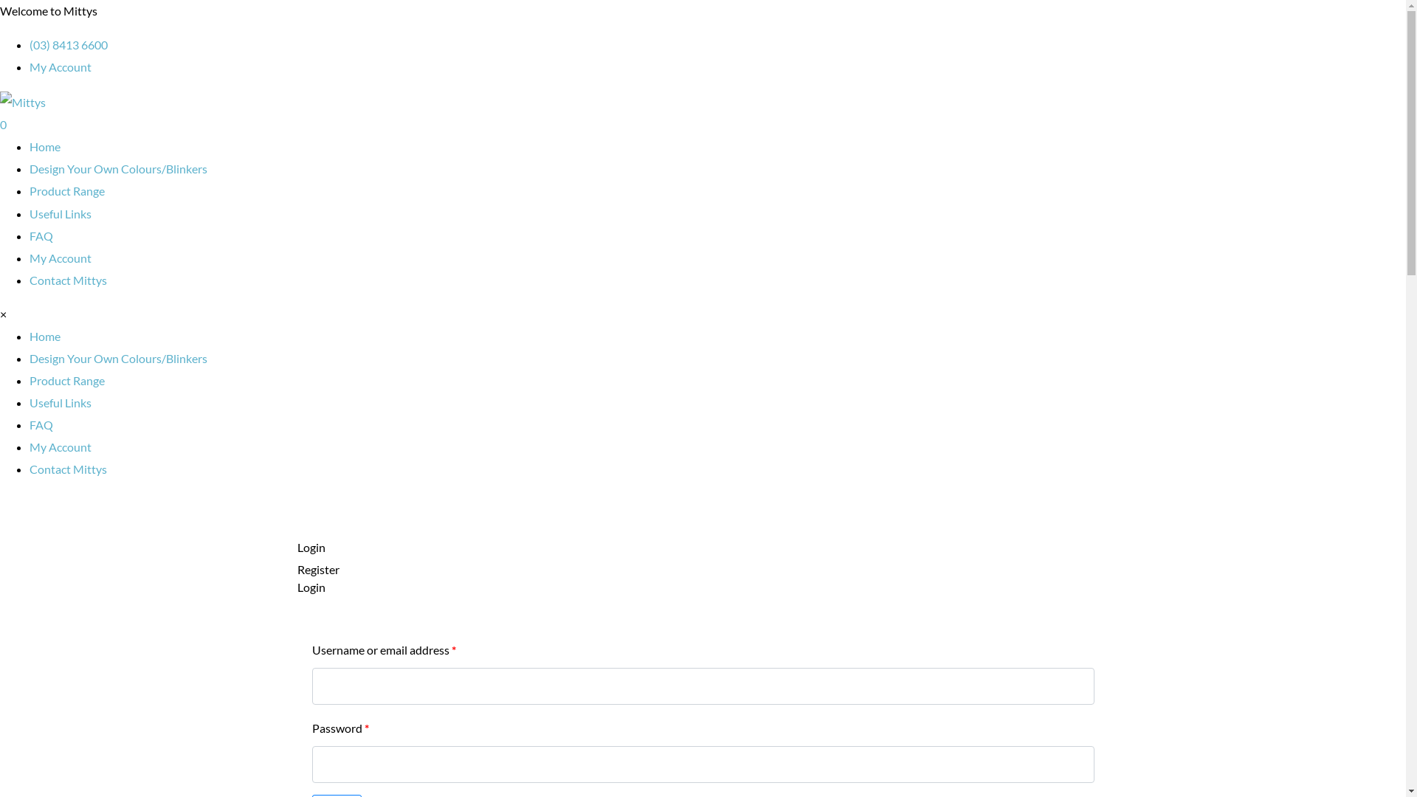  I want to click on 'Useful Links', so click(59, 402).